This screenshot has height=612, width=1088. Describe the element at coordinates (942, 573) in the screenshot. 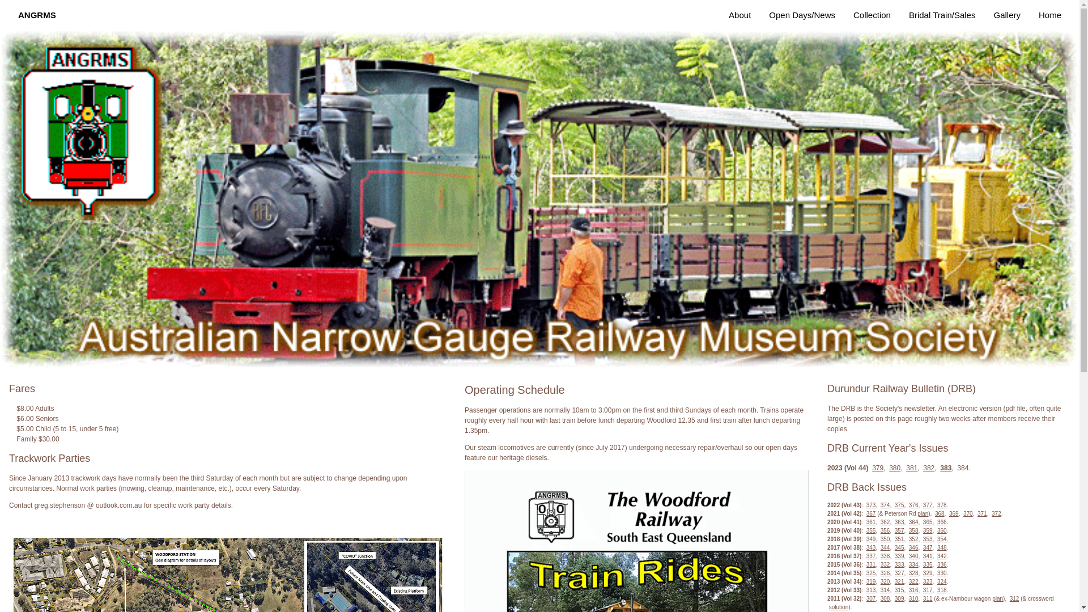

I see `'330'` at that location.